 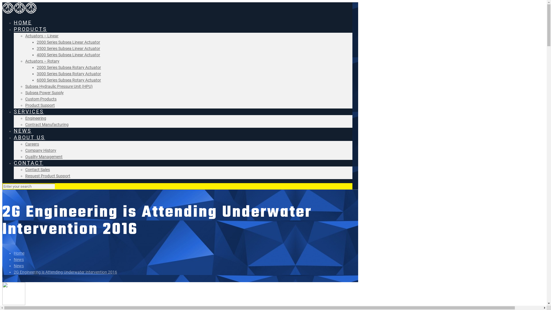 What do you see at coordinates (19, 259) in the screenshot?
I see `'News'` at bounding box center [19, 259].